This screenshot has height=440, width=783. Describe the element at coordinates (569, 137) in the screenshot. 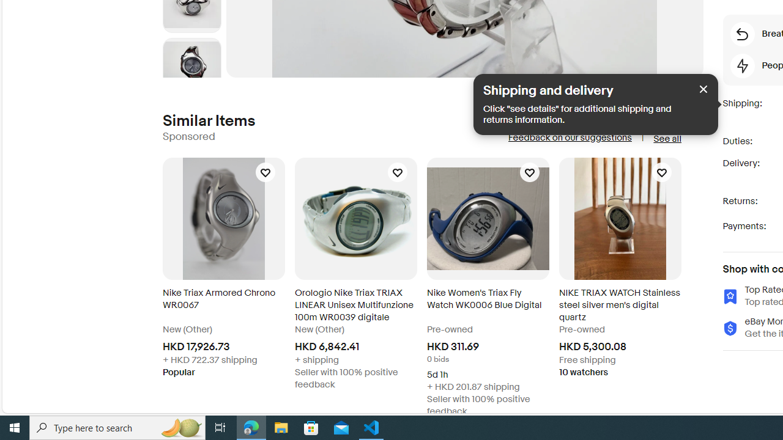

I see `'Feedback on our suggestions'` at that location.